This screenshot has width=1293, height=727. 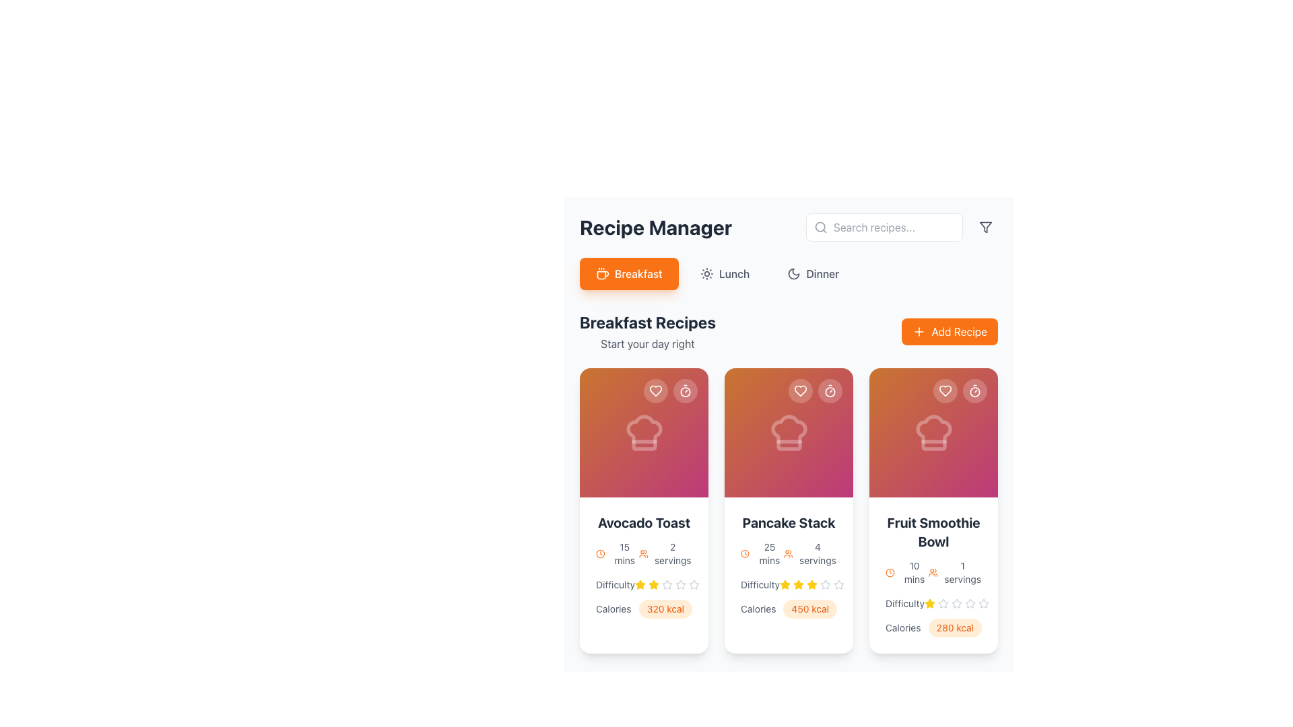 I want to click on the clock icon located at the top left of the card, which represents the time duration of '10 mins' for the recipe, so click(x=890, y=573).